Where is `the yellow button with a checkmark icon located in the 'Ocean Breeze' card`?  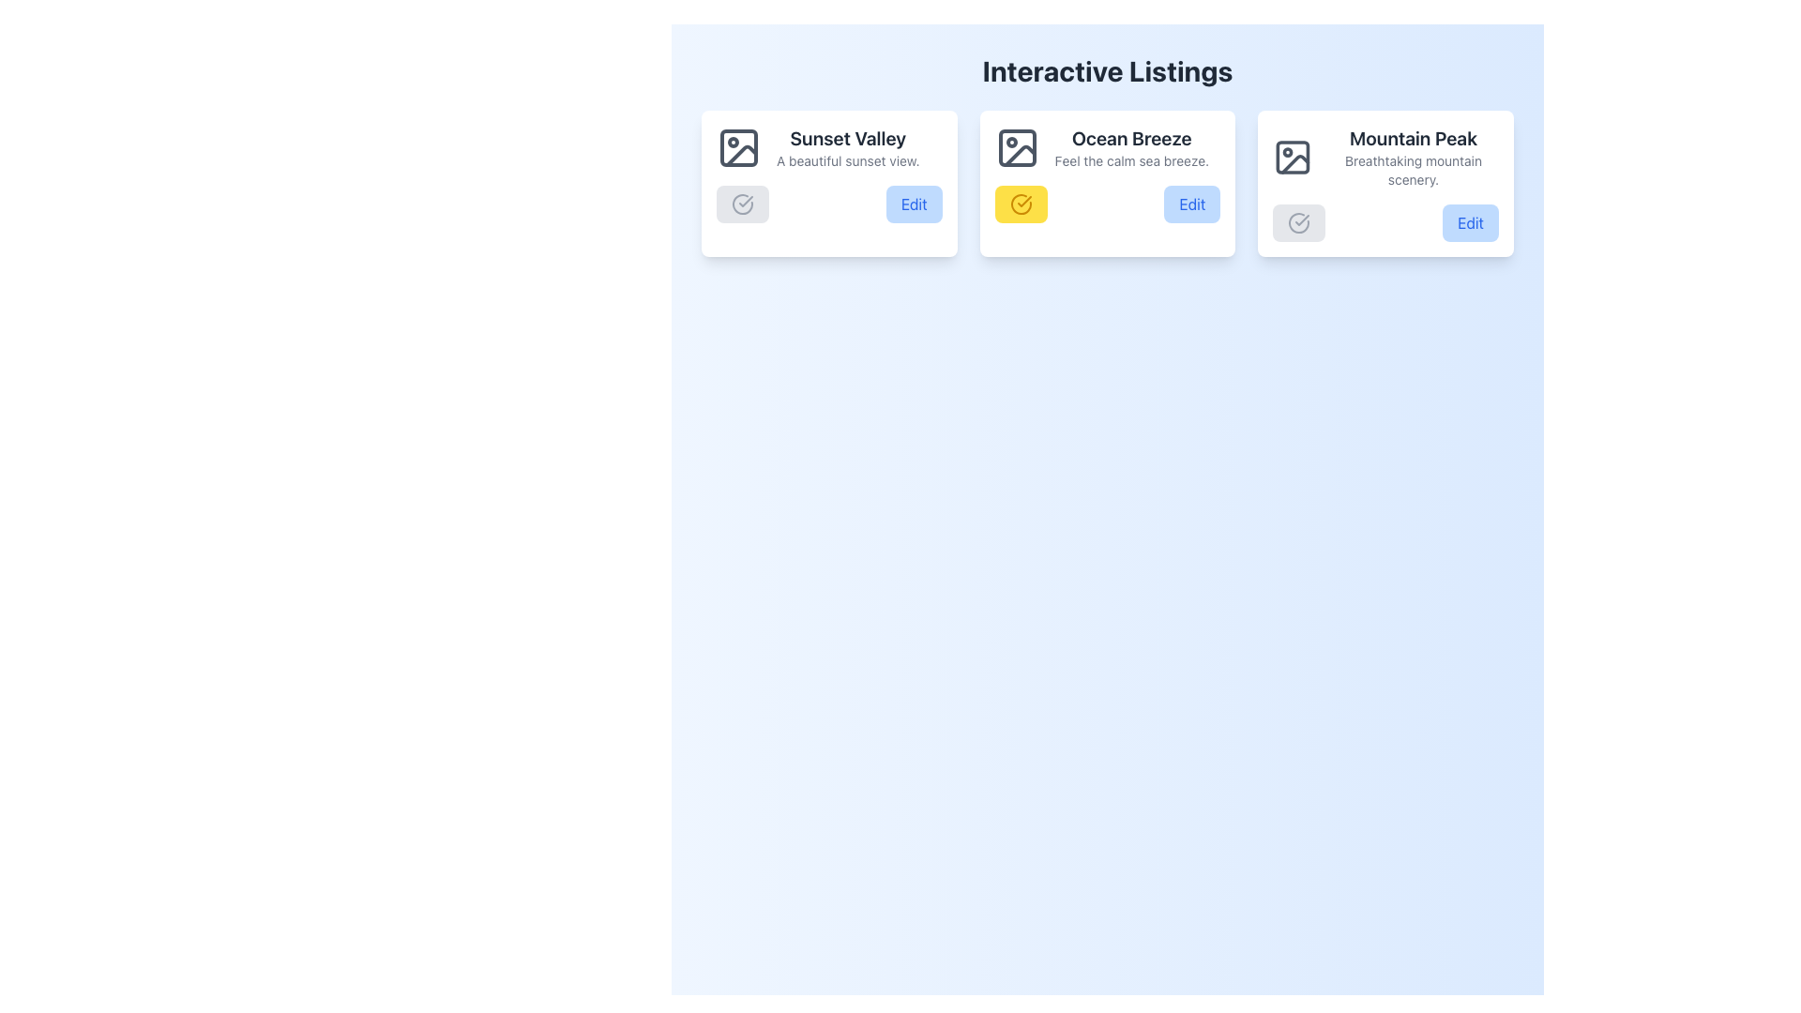 the yellow button with a checkmark icon located in the 'Ocean Breeze' card is located at coordinates (1020, 204).